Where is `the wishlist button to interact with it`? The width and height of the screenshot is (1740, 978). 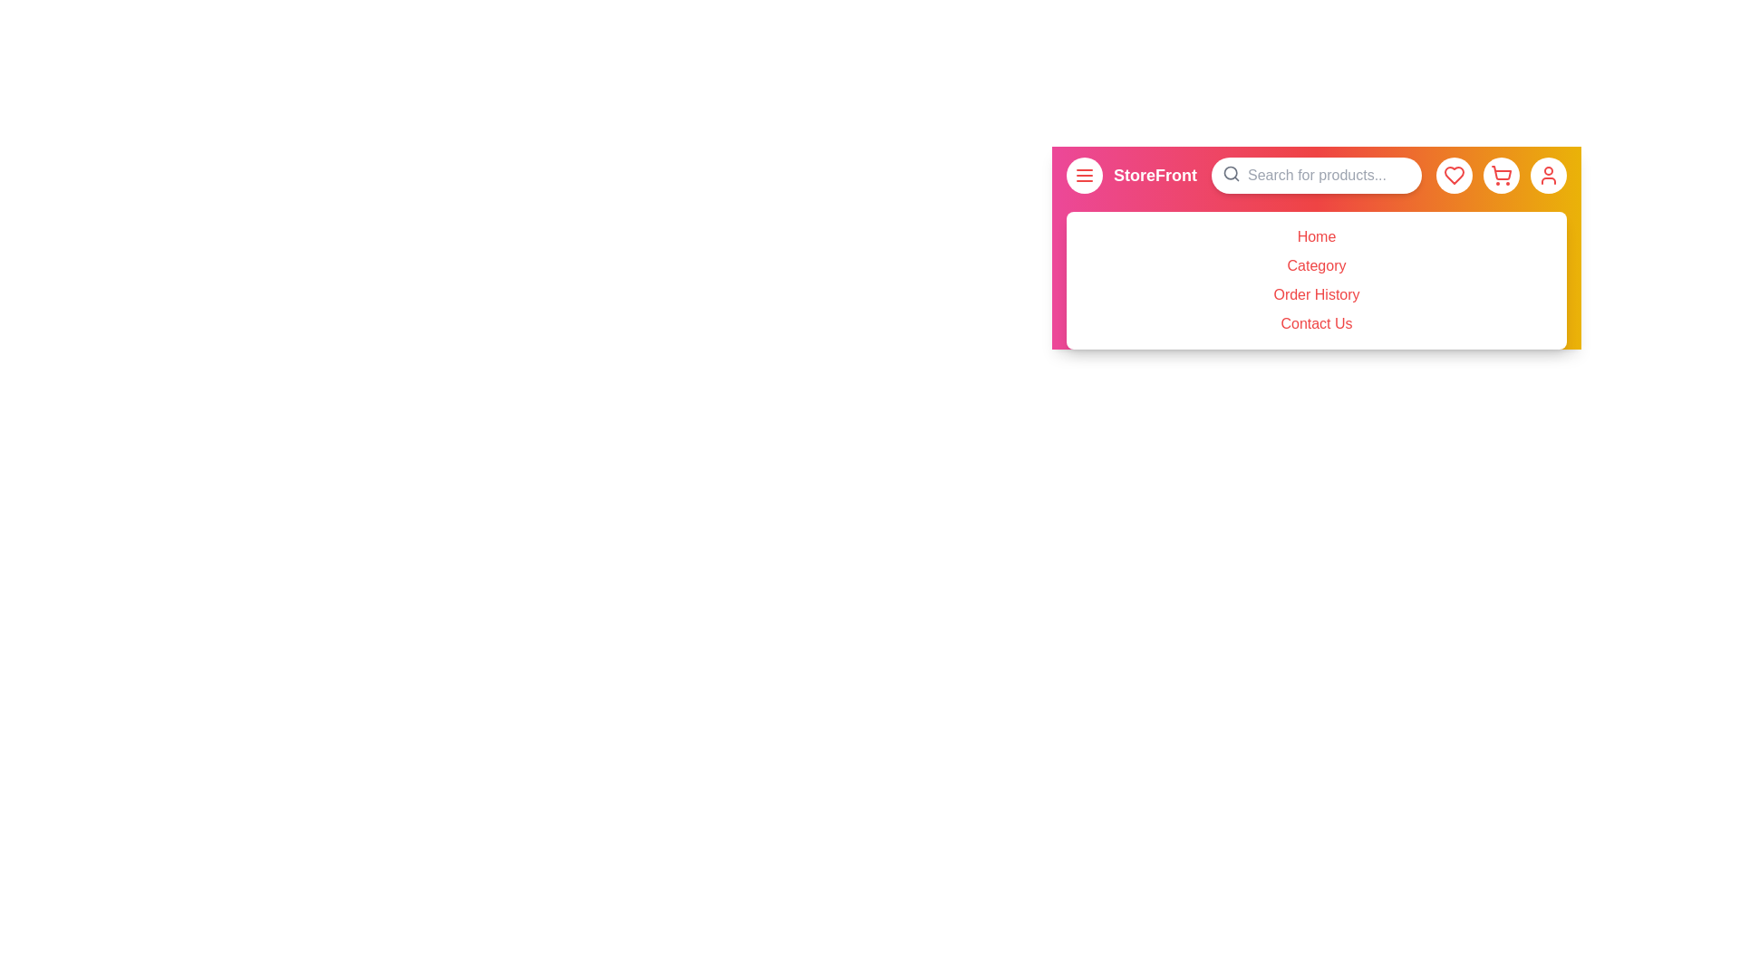
the wishlist button to interact with it is located at coordinates (1454, 175).